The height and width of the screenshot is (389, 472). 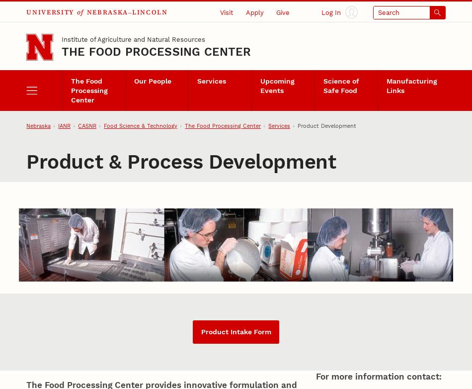 What do you see at coordinates (281, 100) in the screenshot?
I see `'Online Food Safety Courses 2023'` at bounding box center [281, 100].